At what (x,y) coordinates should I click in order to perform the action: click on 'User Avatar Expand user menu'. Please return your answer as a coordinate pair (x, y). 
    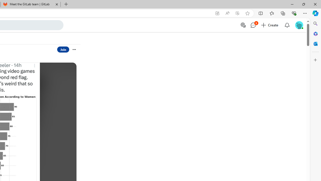
    Looking at the image, I should click on (299, 25).